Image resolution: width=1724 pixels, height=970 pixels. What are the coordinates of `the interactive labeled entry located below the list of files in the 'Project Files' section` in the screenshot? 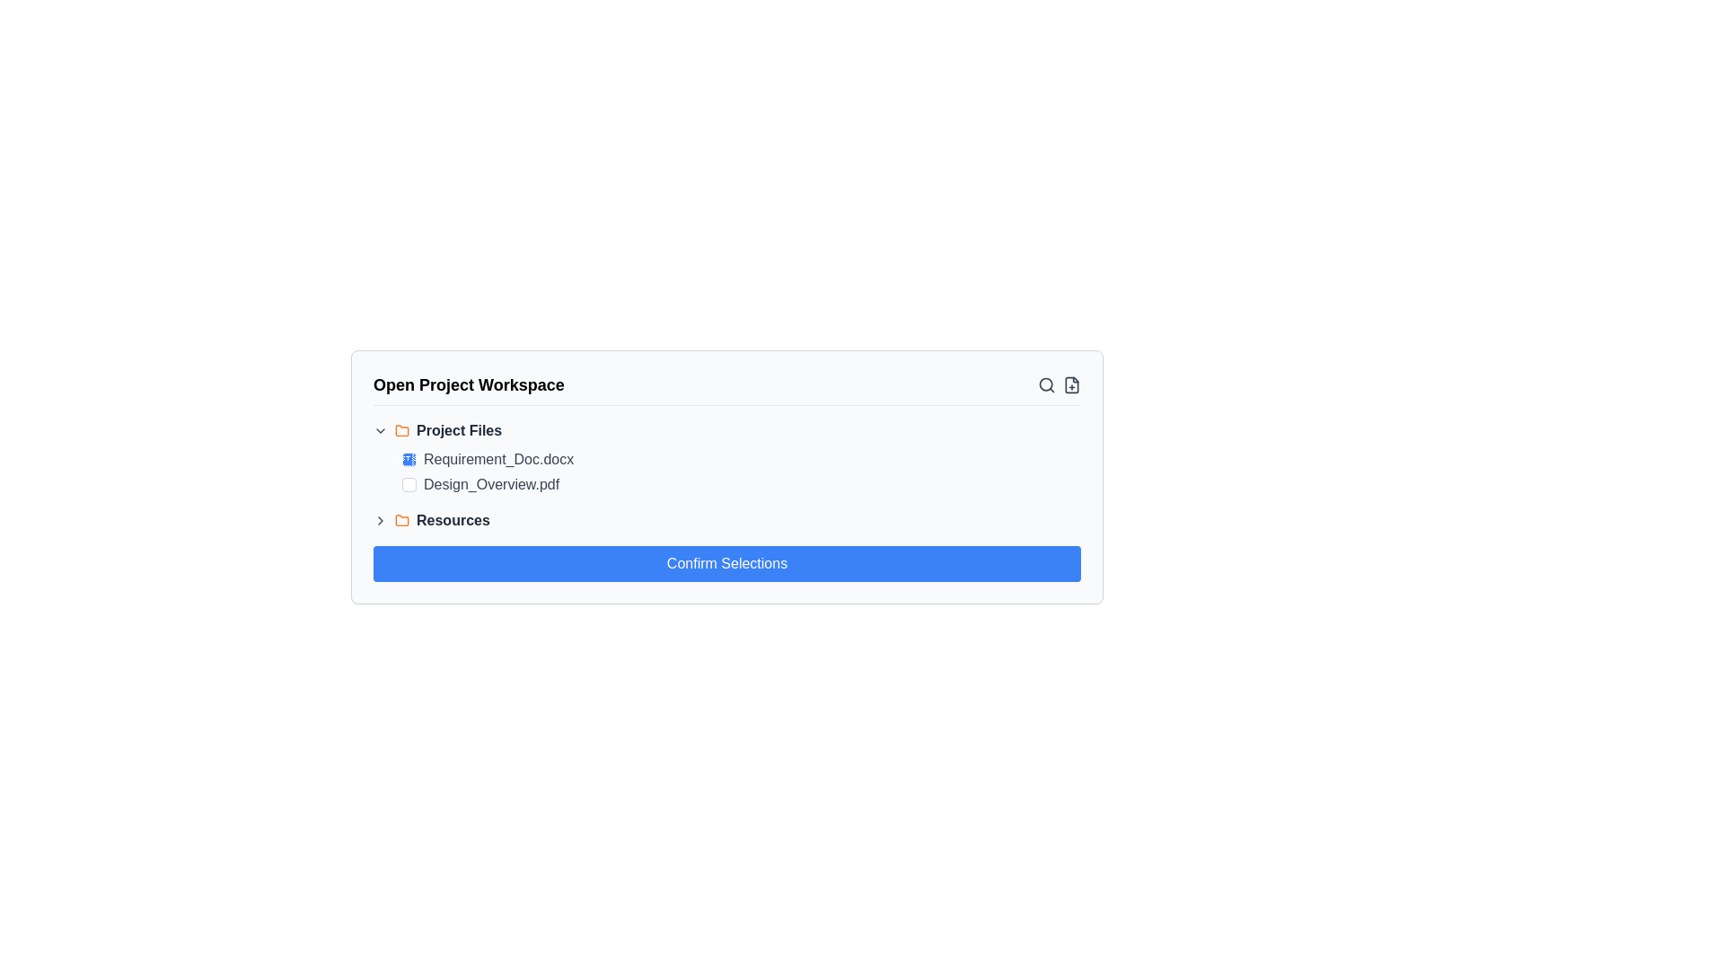 It's located at (727, 520).